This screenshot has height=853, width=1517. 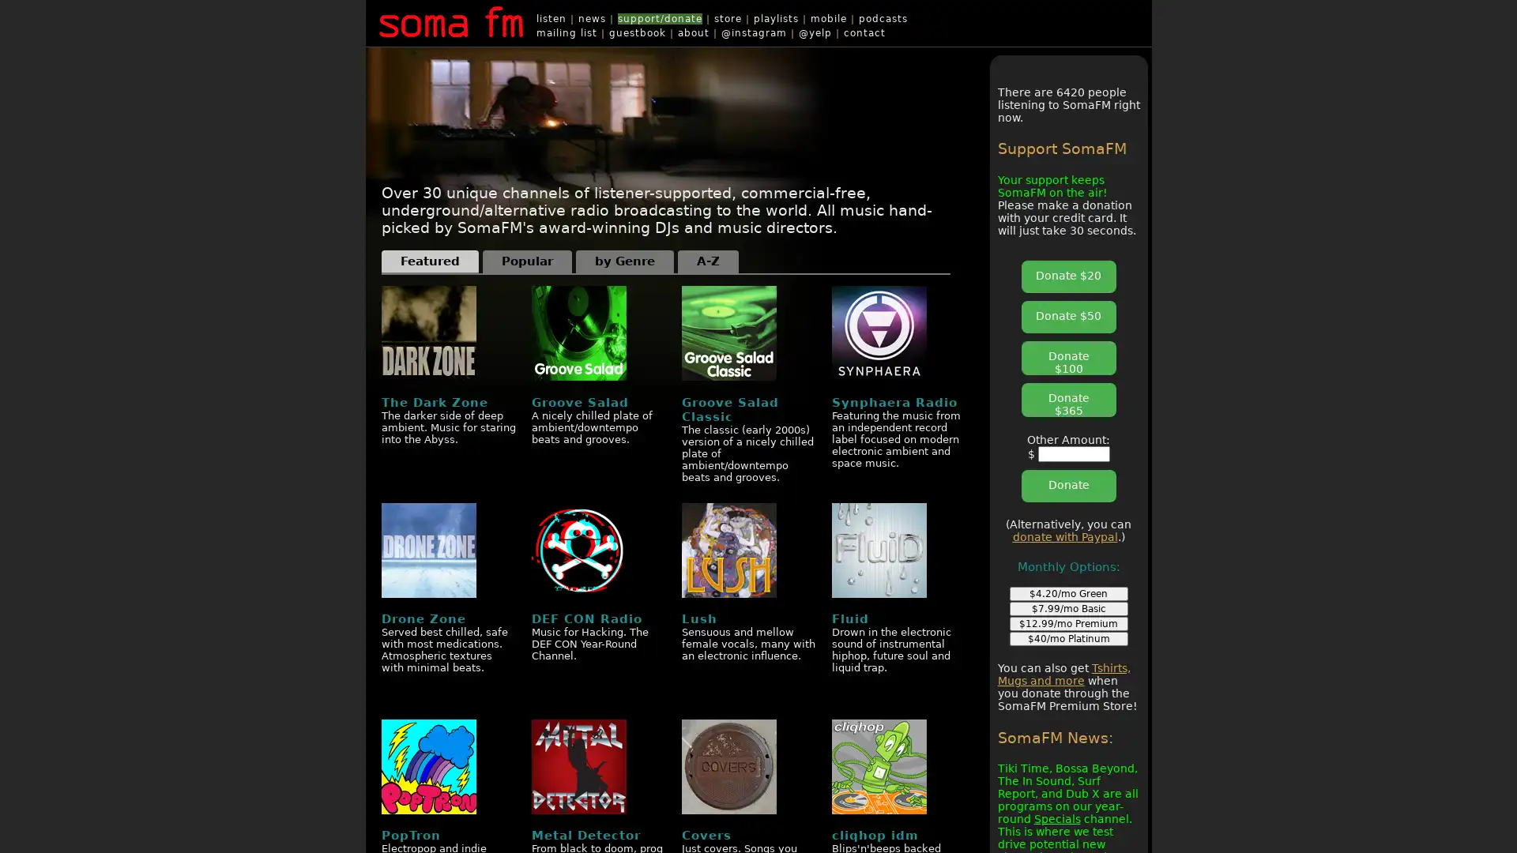 What do you see at coordinates (1068, 317) in the screenshot?
I see `Donate $50` at bounding box center [1068, 317].